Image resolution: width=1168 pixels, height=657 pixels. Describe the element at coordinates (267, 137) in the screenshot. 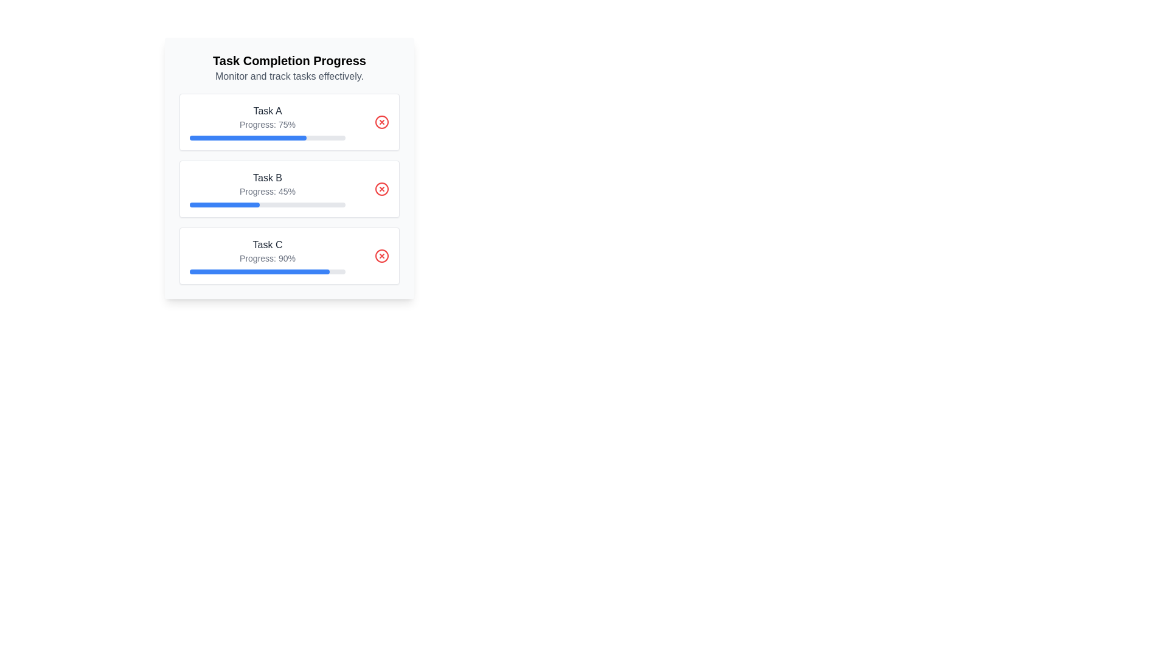

I see `the progress bar representing 'Task A', which shows a completion rate of 75% and is located below the text 'Progress: 75%' in the first card of the interface` at that location.